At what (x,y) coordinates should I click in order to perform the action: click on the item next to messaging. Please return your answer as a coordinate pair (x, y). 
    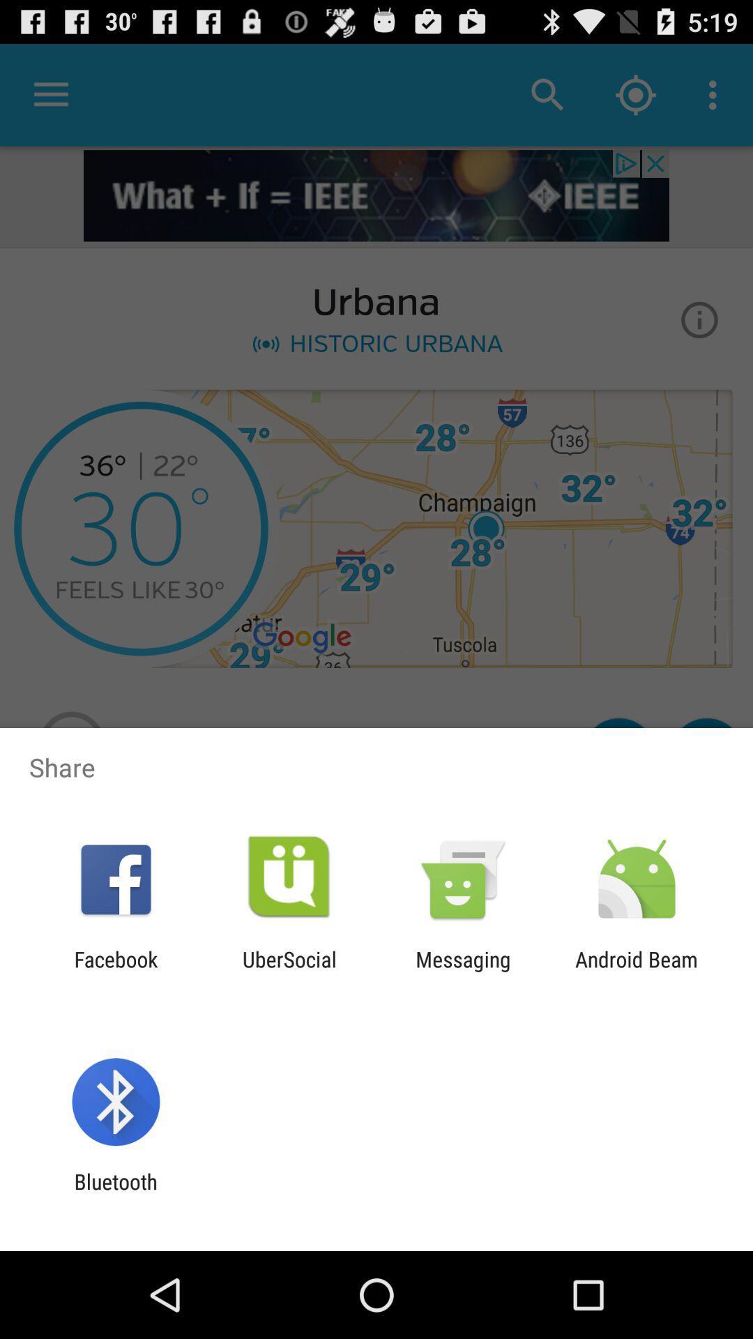
    Looking at the image, I should click on (289, 971).